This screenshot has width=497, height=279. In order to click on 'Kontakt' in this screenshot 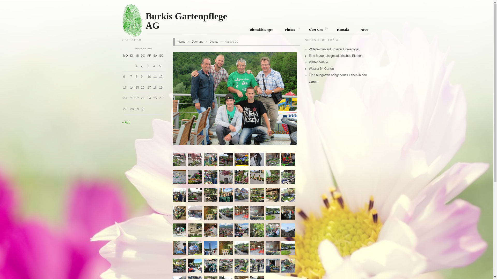, I will do `click(343, 29)`.